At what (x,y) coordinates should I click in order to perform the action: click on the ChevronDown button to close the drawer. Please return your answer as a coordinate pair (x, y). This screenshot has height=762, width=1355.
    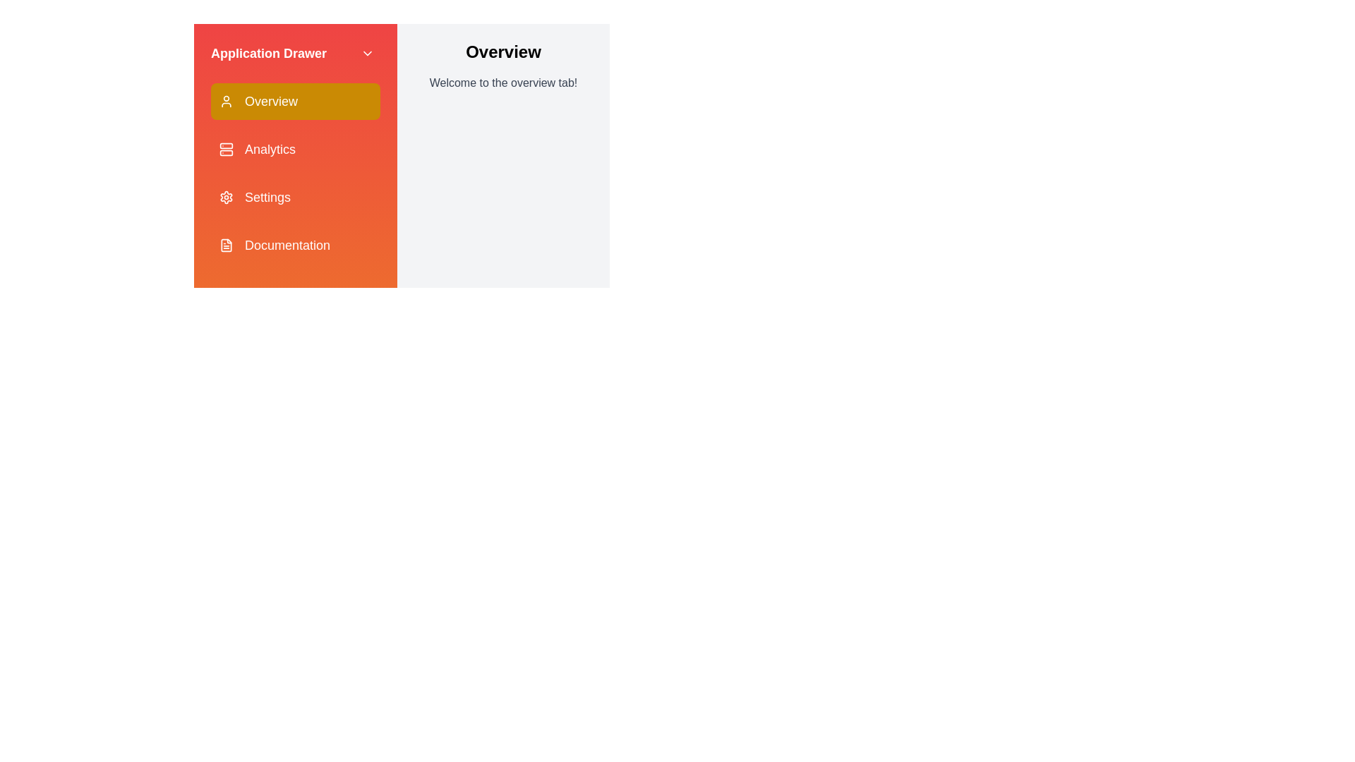
    Looking at the image, I should click on (368, 53).